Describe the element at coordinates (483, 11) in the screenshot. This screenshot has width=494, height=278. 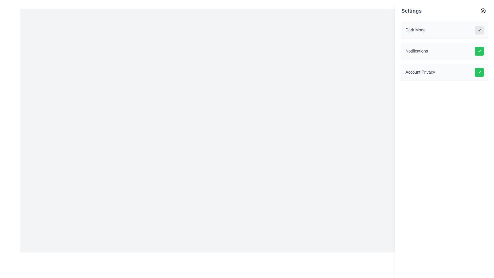
I see `the small circular 'X' icon button located in the top-right corner of the 'Settings' header section` at that location.